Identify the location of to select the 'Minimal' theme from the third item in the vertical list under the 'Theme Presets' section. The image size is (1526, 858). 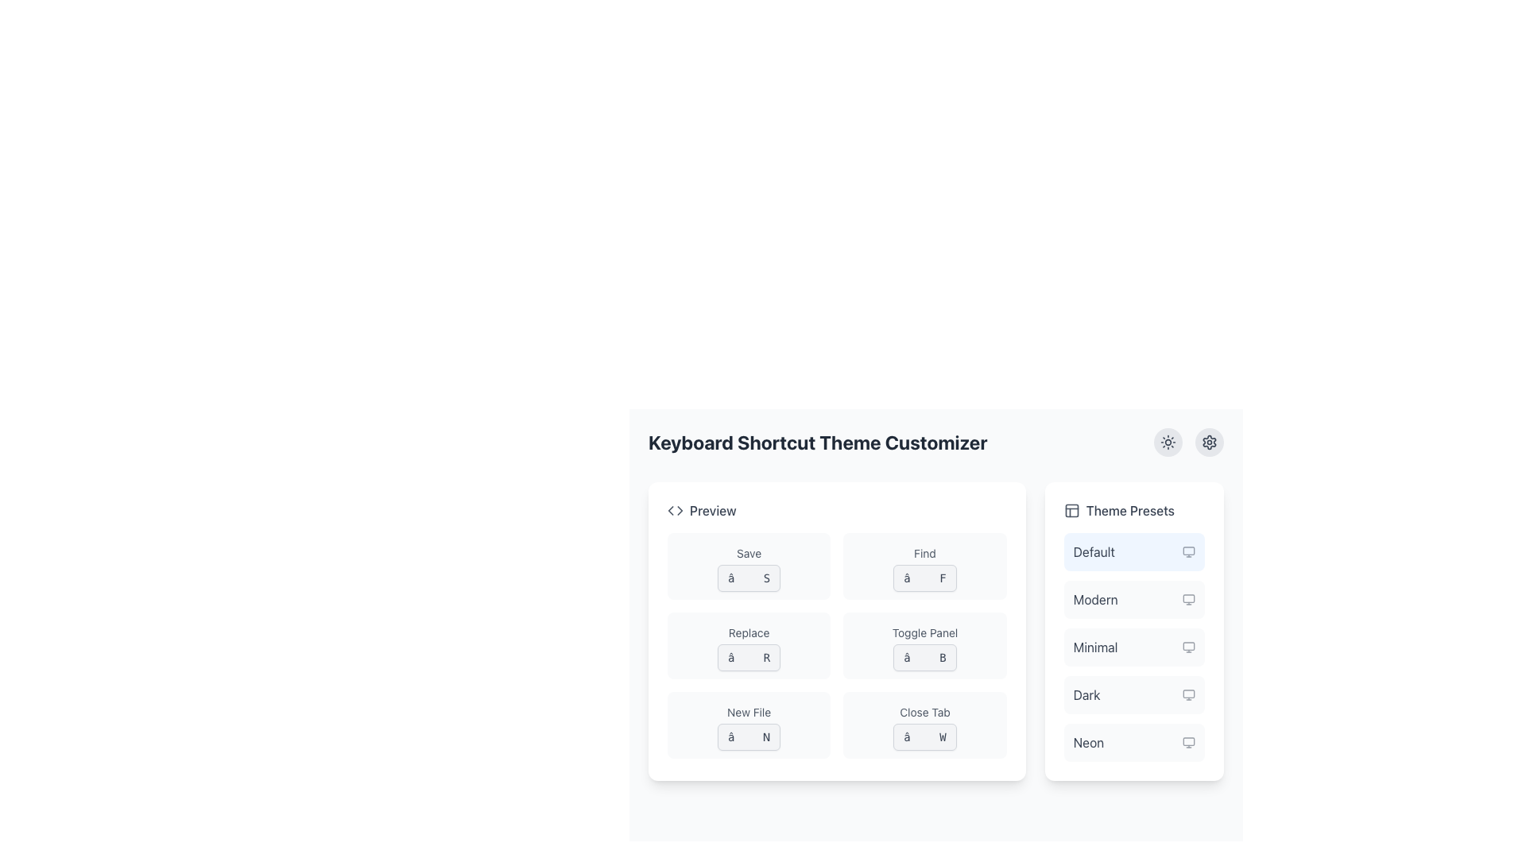
(1094, 647).